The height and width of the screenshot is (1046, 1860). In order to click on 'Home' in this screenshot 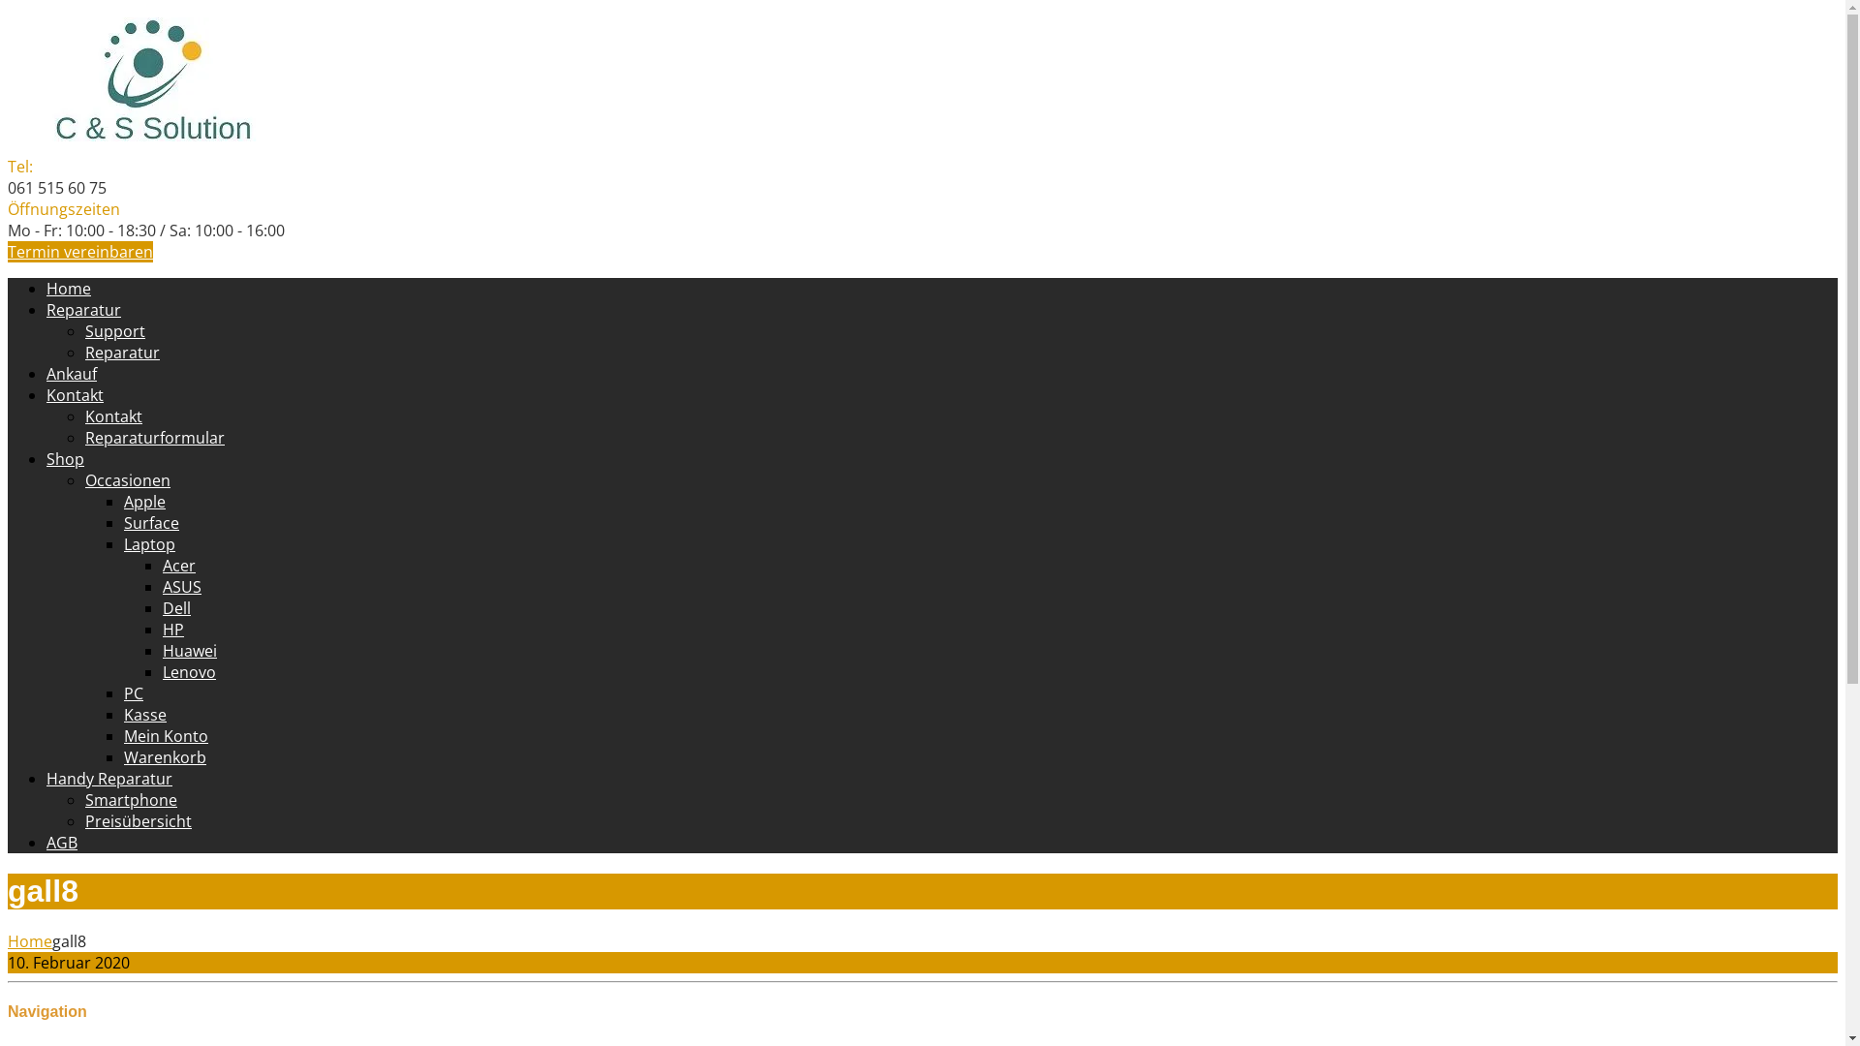, I will do `click(29, 940)`.